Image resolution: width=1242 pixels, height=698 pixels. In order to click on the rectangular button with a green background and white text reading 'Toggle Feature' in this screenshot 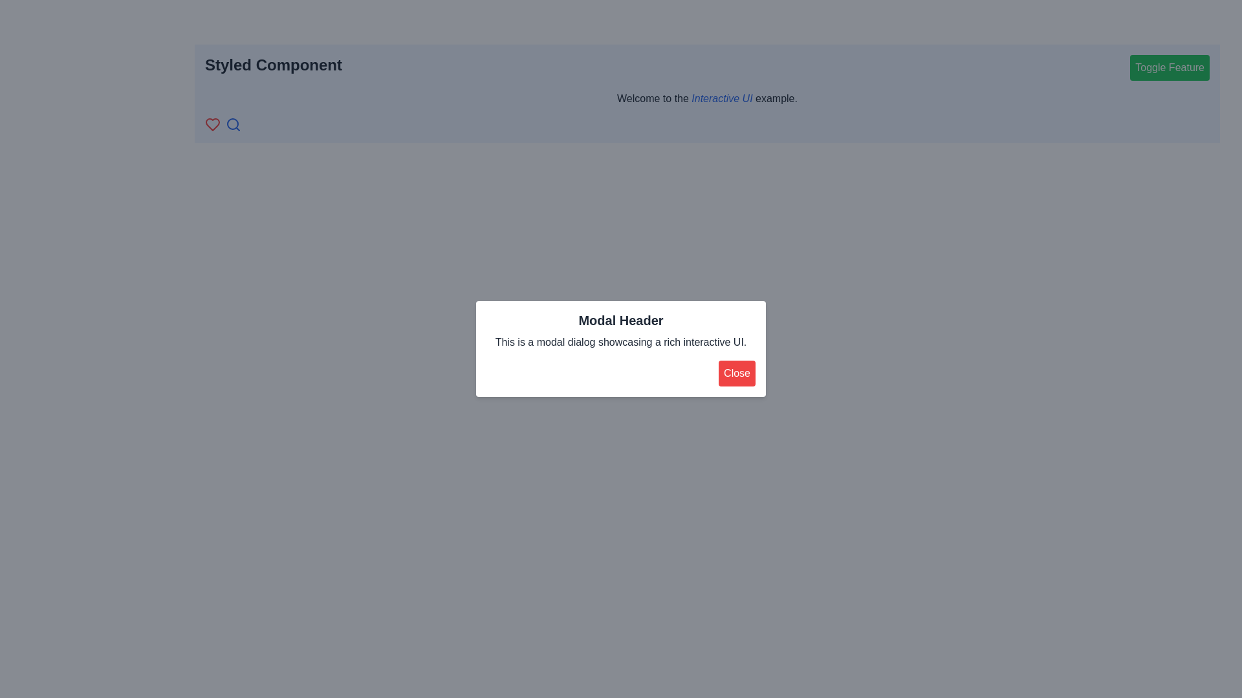, I will do `click(1170, 67)`.